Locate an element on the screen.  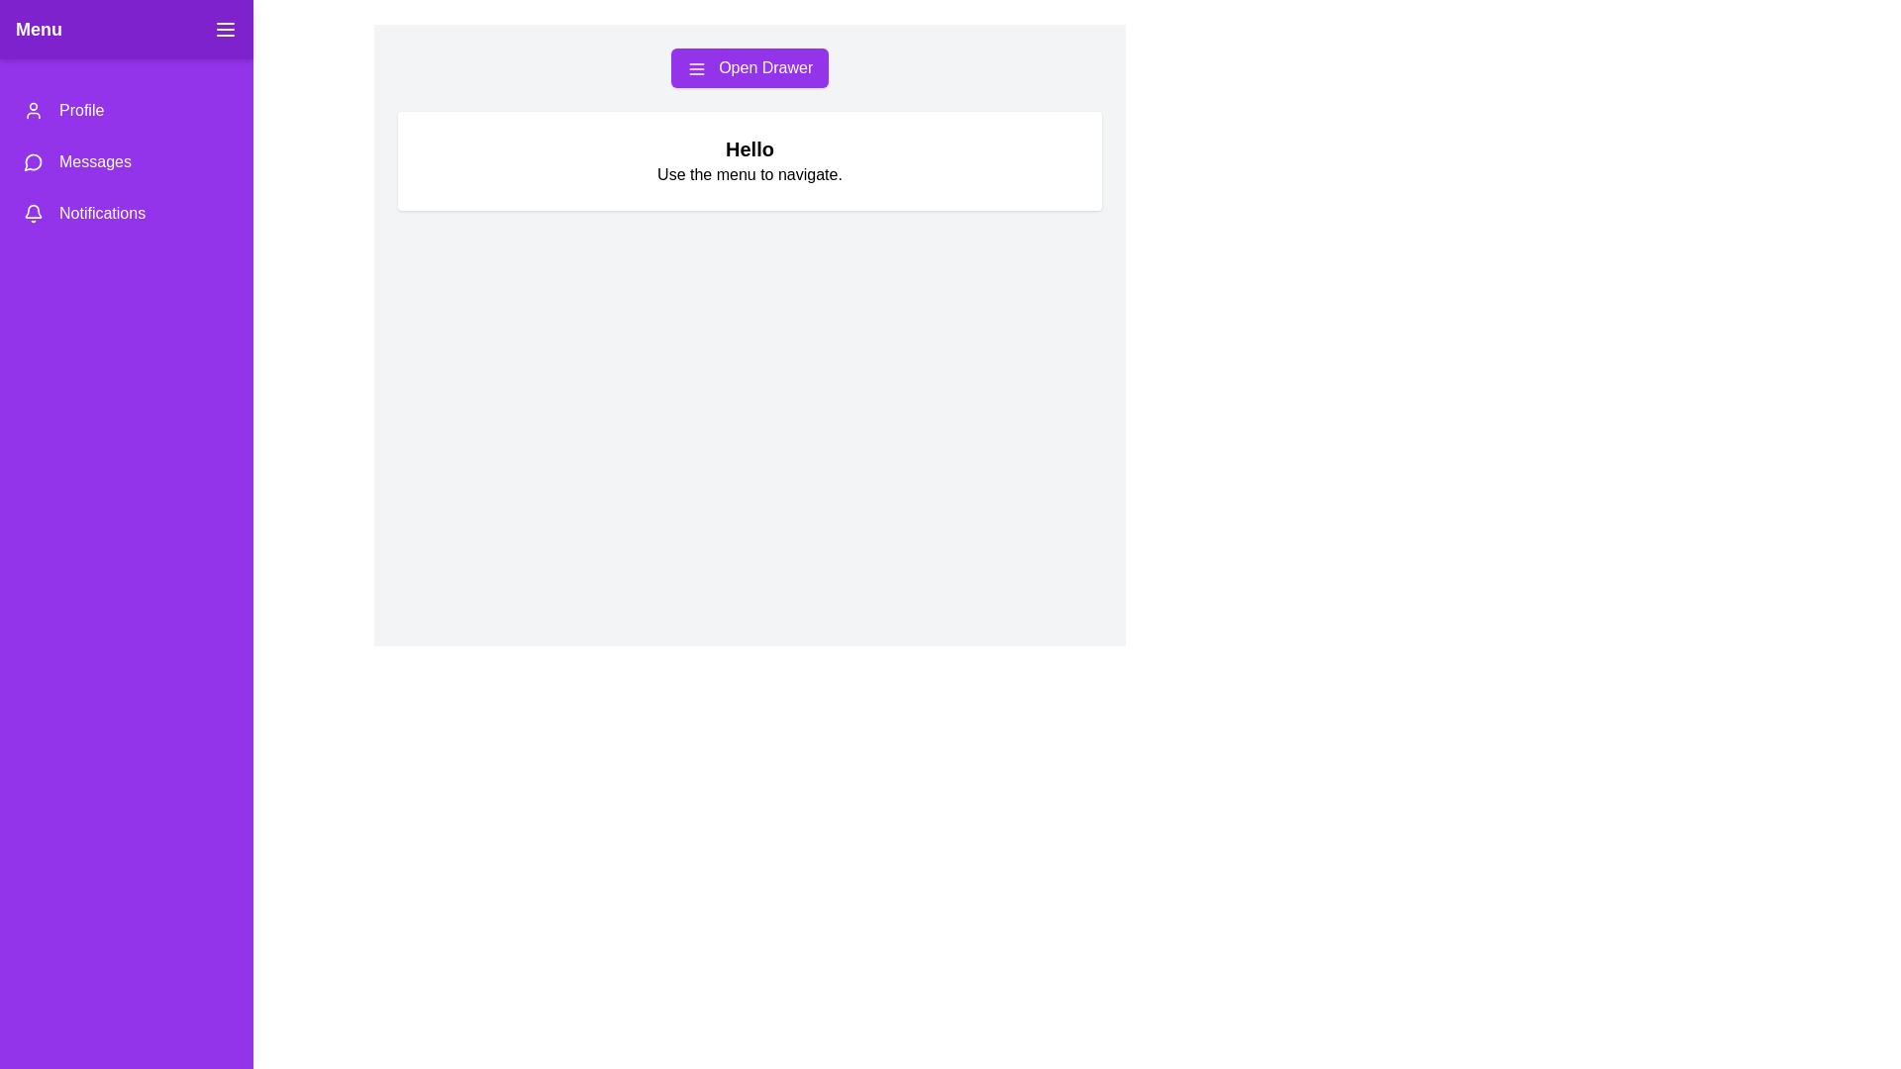
the bell icon in the sidebar menu is located at coordinates (33, 214).